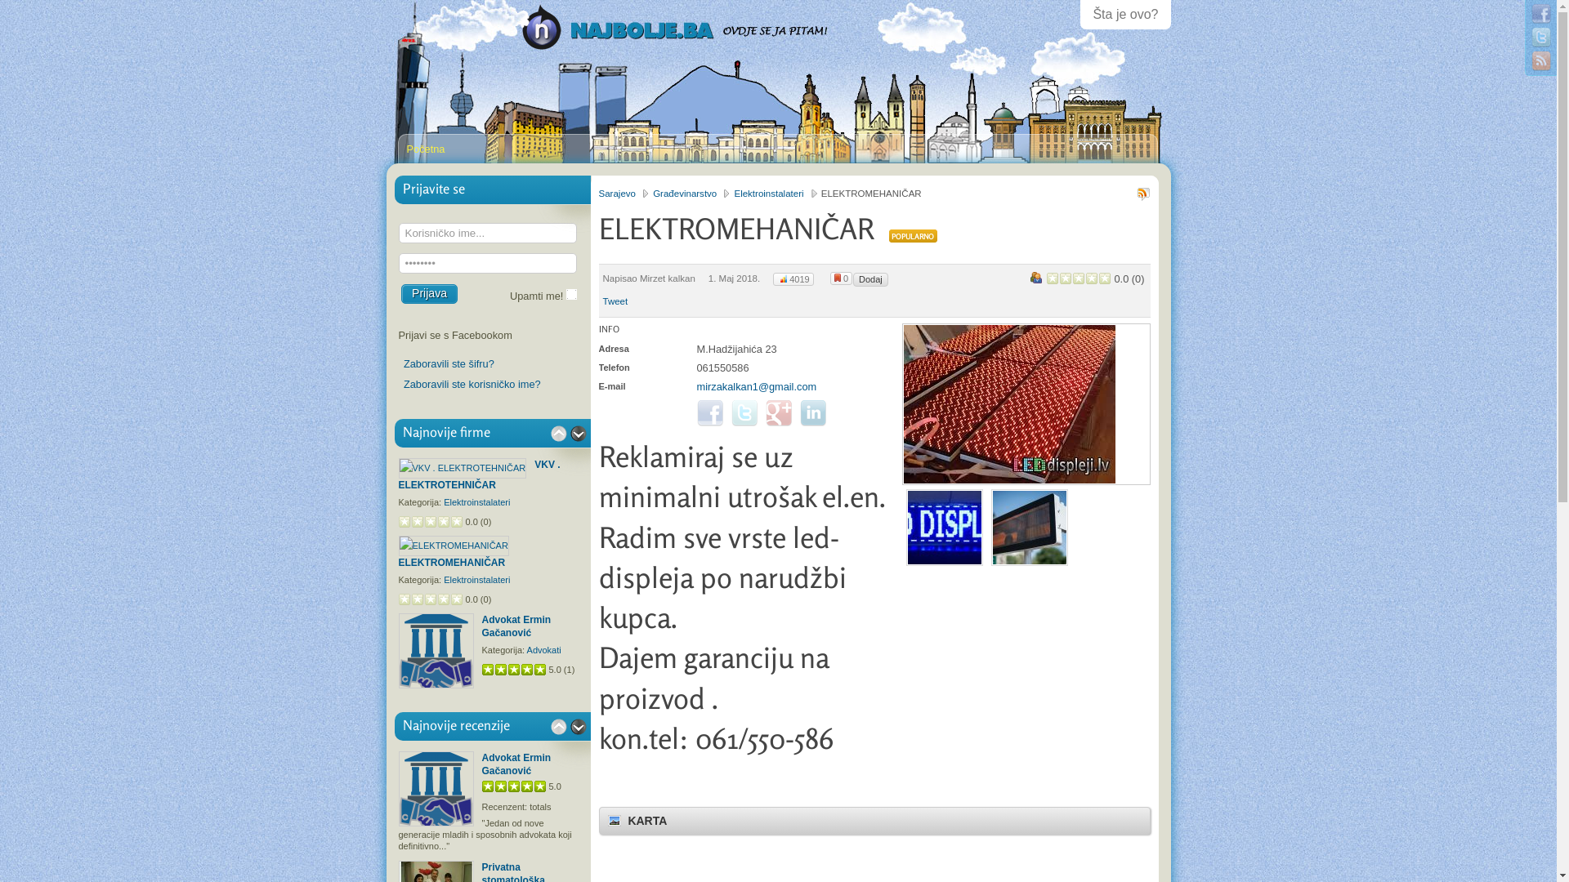 The image size is (1569, 882). What do you see at coordinates (775, 192) in the screenshot?
I see `'Elektroinstalateri'` at bounding box center [775, 192].